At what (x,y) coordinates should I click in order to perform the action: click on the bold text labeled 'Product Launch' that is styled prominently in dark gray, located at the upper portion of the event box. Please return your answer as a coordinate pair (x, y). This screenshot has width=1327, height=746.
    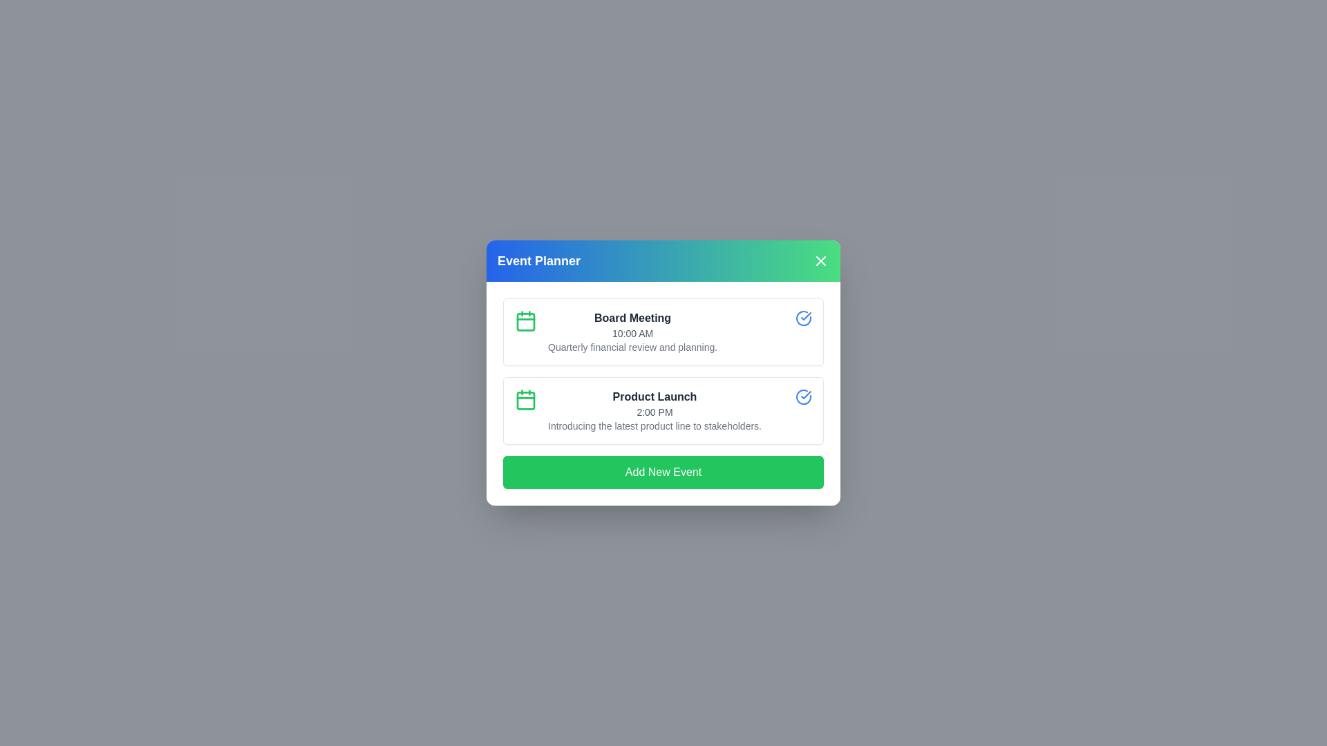
    Looking at the image, I should click on (654, 396).